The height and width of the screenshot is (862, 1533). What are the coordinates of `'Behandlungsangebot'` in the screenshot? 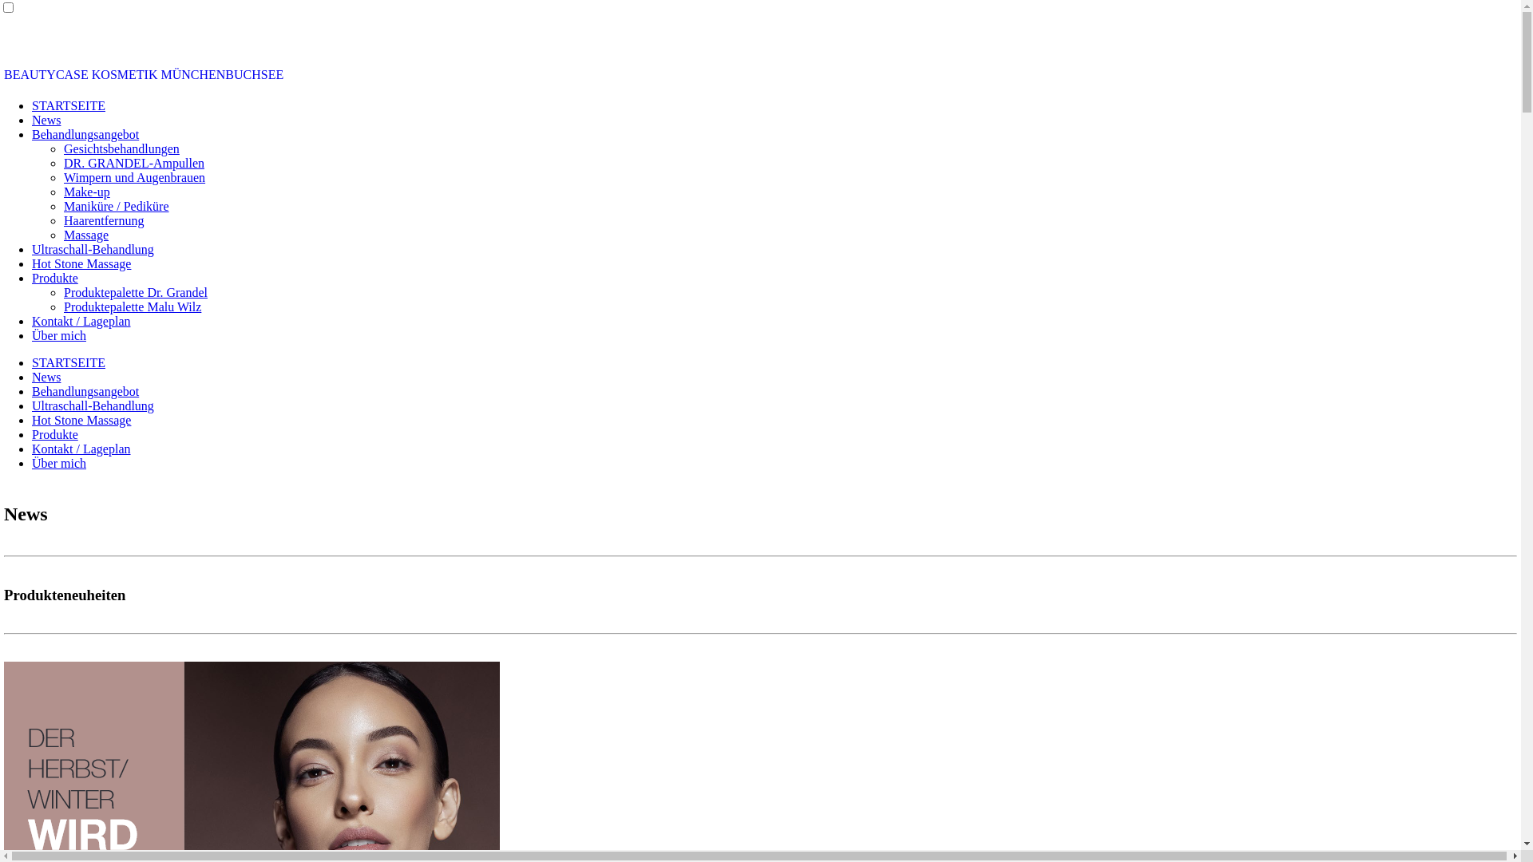 It's located at (31, 133).